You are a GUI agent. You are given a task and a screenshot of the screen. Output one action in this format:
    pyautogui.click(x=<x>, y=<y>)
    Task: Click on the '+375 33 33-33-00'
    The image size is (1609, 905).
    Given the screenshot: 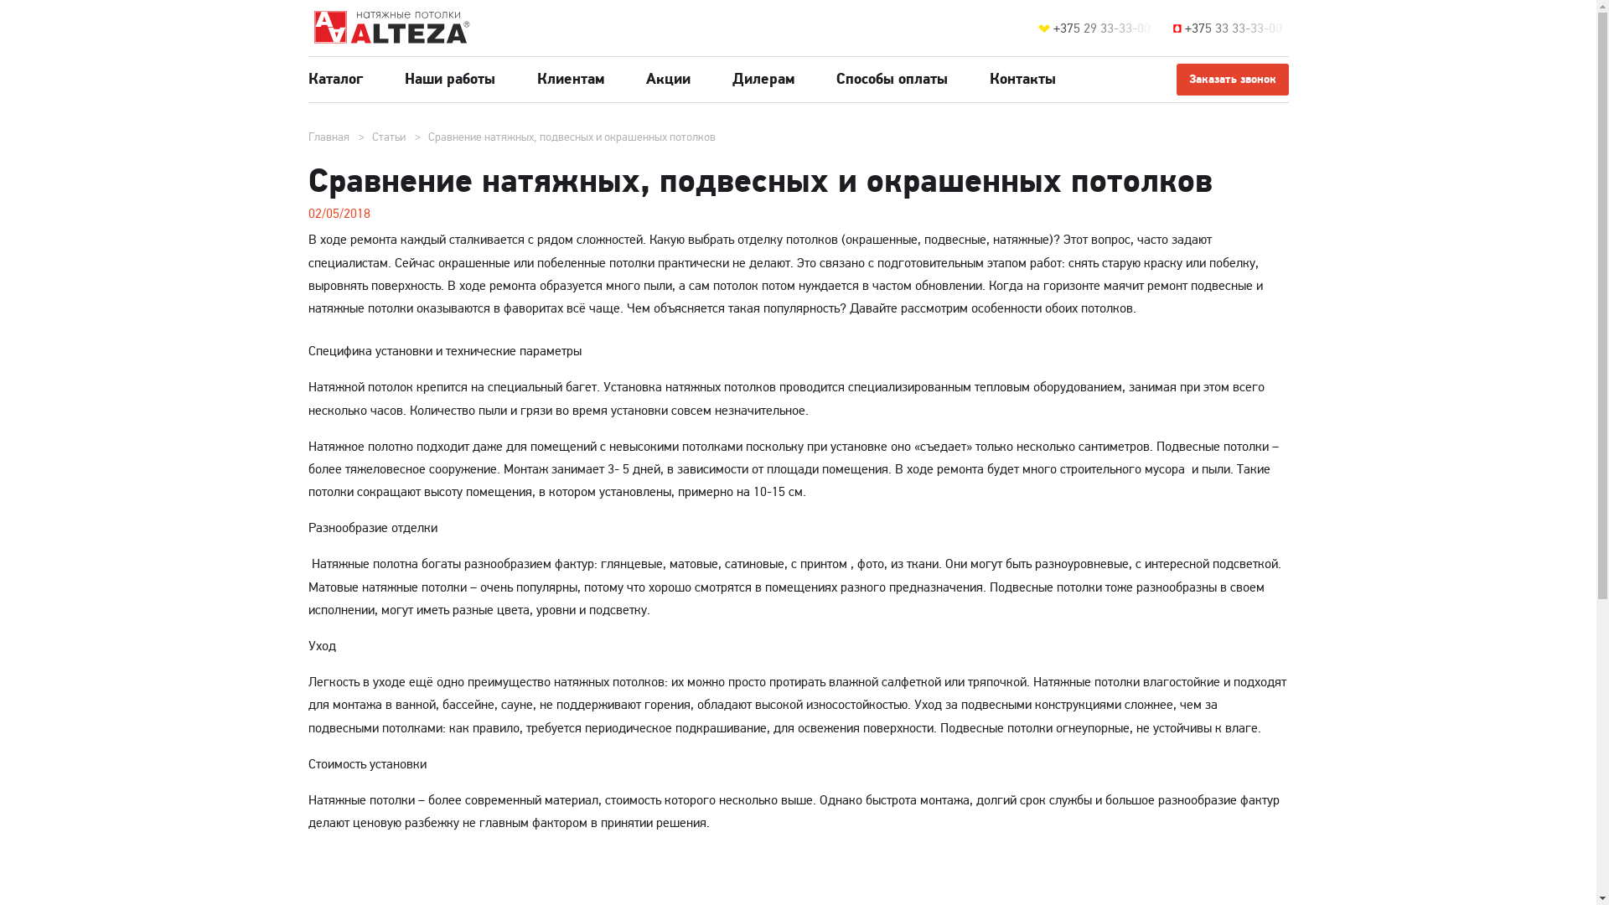 What is the action you would take?
    pyautogui.click(x=1184, y=28)
    